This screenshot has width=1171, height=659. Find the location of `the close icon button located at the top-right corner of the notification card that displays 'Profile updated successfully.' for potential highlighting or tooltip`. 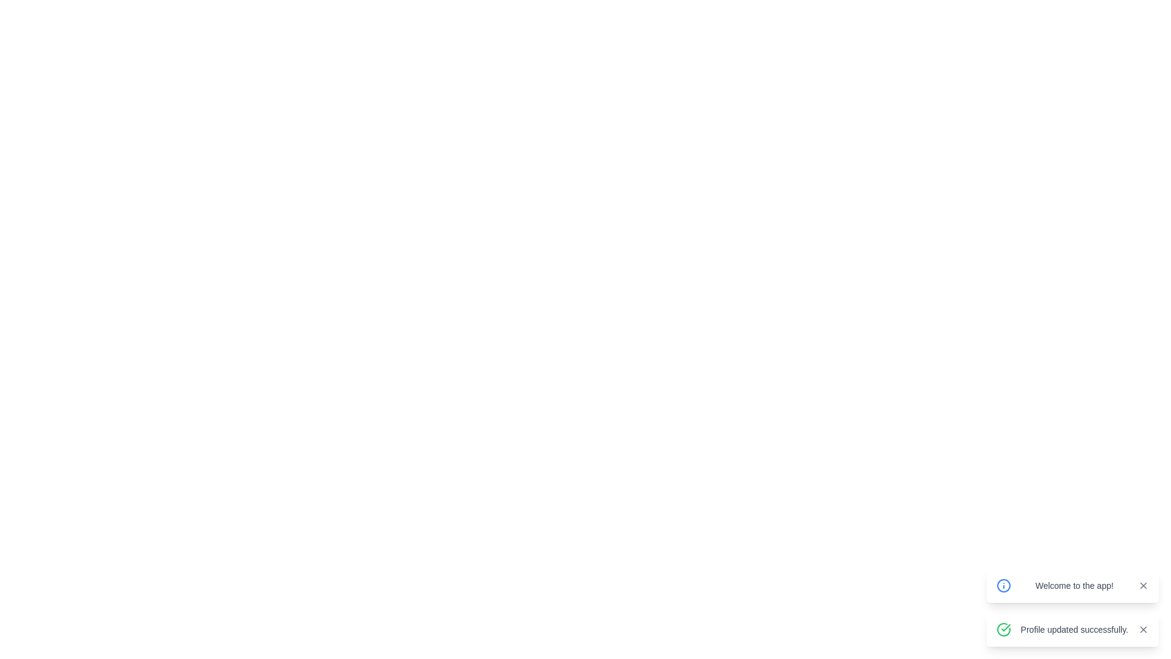

the close icon button located at the top-right corner of the notification card that displays 'Profile updated successfully.' for potential highlighting or tooltip is located at coordinates (1143, 630).